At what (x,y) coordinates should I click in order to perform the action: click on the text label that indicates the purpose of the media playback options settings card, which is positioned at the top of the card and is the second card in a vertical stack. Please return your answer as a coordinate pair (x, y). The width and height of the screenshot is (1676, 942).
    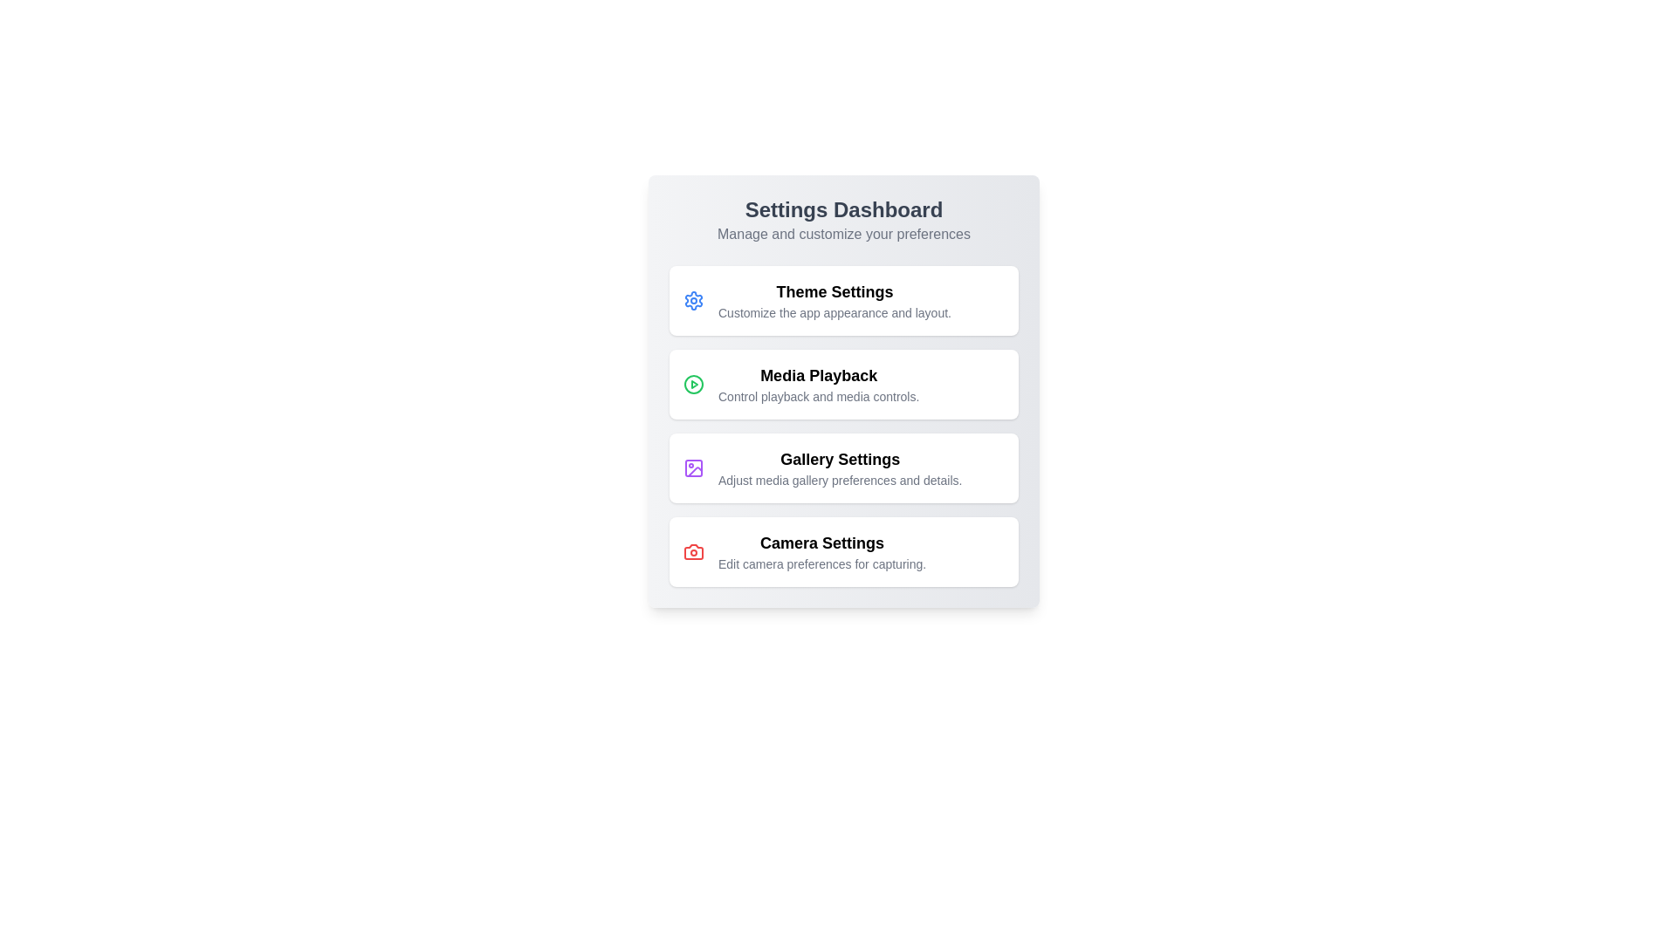
    Looking at the image, I should click on (818, 375).